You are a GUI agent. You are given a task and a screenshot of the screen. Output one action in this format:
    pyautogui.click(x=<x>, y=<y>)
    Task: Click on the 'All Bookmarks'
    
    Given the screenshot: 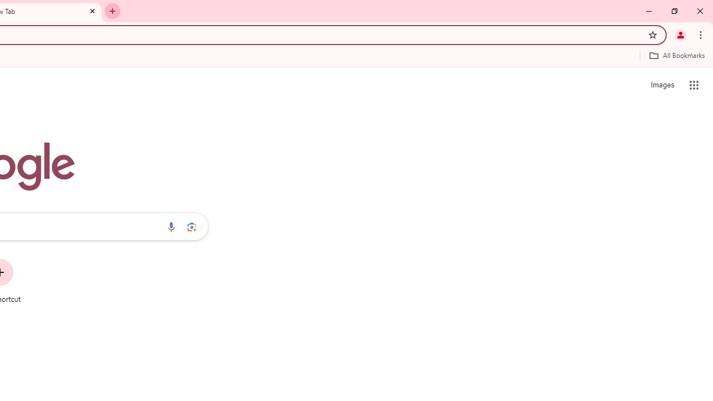 What is the action you would take?
    pyautogui.click(x=676, y=55)
    